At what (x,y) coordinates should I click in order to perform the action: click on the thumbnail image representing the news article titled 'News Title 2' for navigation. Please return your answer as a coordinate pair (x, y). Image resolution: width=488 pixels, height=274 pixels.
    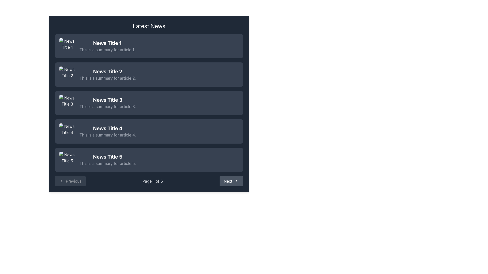
    Looking at the image, I should click on (67, 74).